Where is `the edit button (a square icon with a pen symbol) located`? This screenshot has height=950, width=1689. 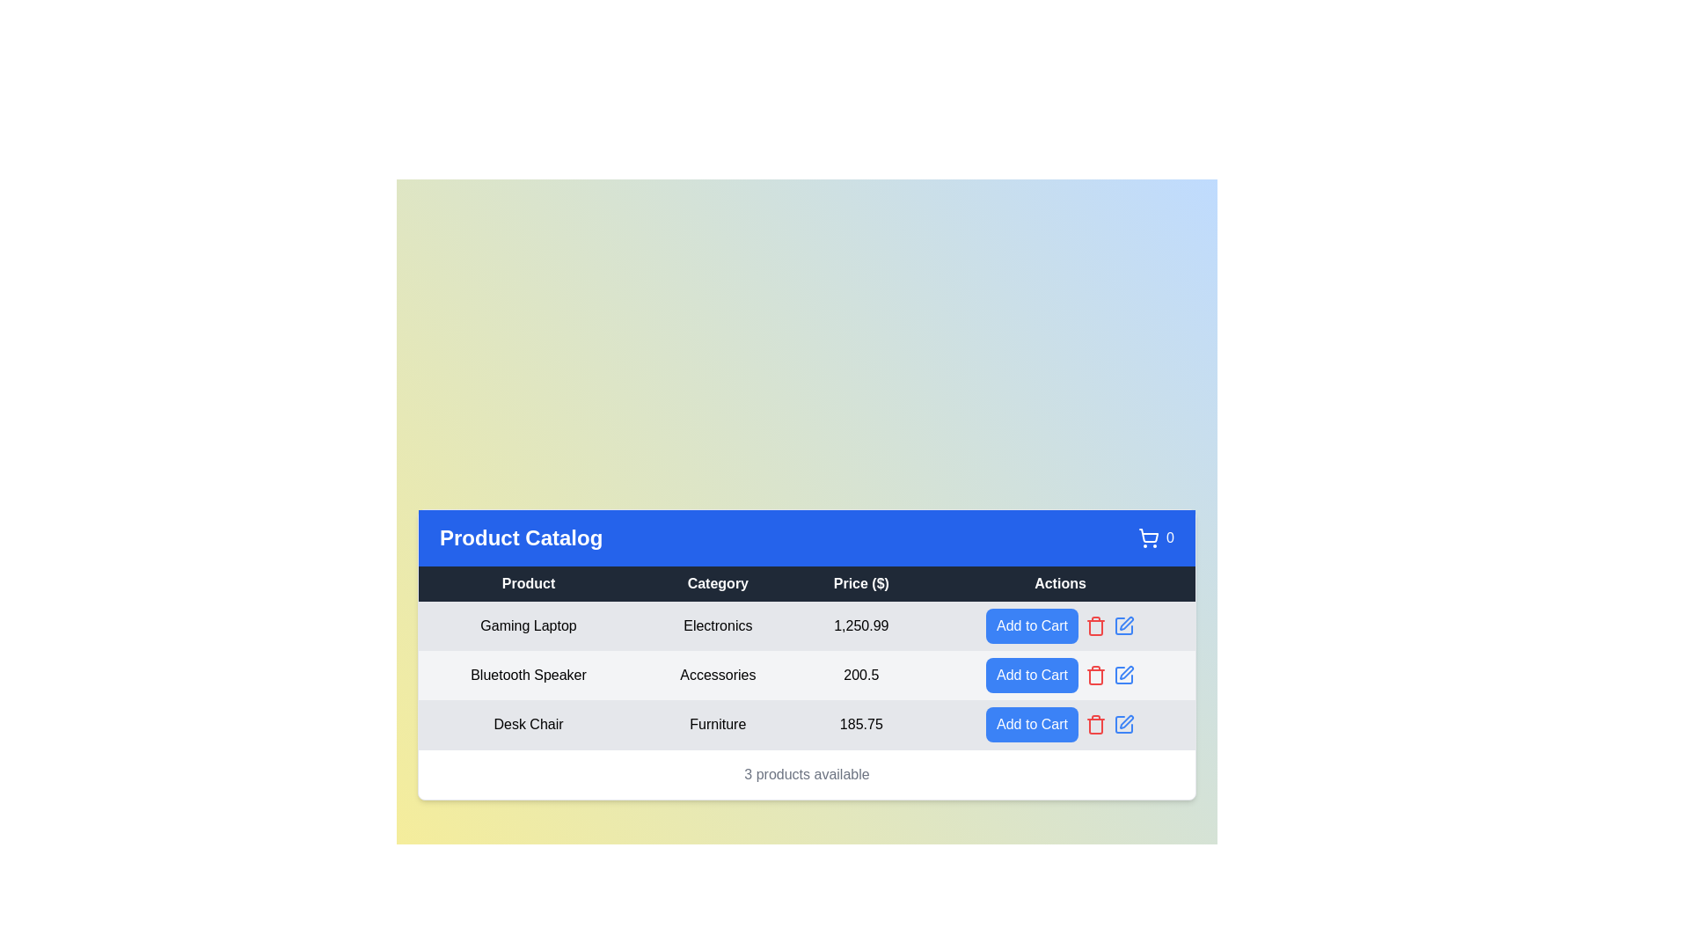
the edit button (a square icon with a pen symbol) located is located at coordinates (1122, 724).